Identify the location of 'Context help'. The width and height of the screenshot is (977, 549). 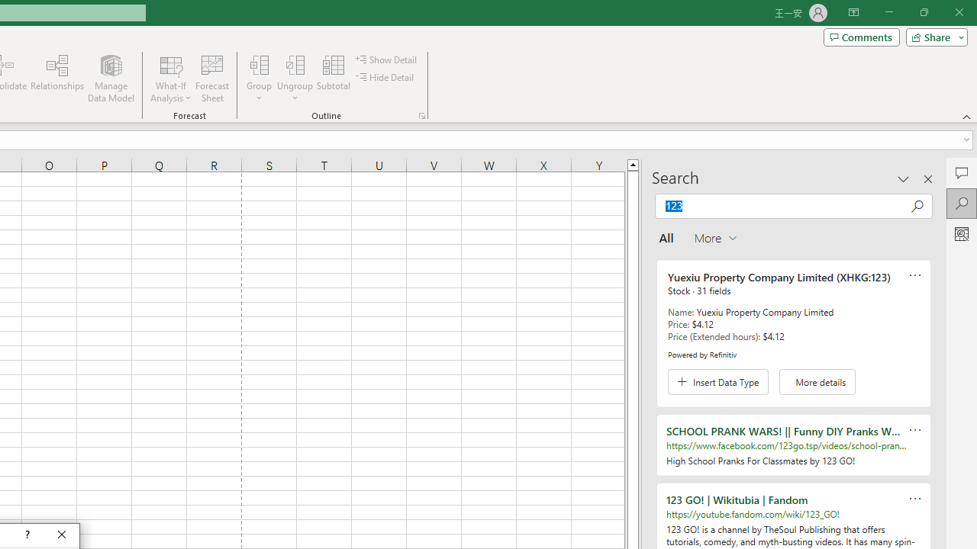
(26, 535).